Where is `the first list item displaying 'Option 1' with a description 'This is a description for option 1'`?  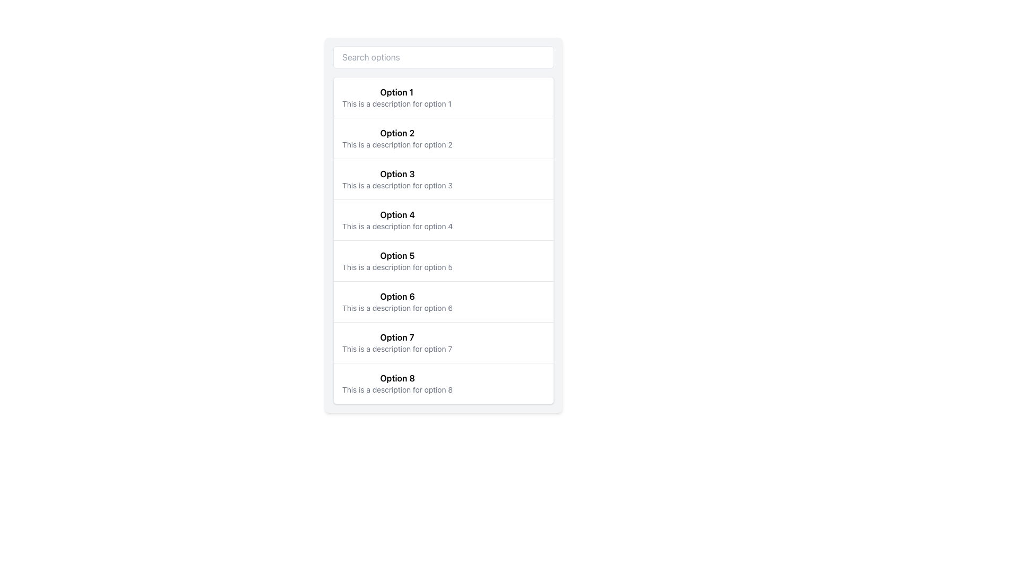 the first list item displaying 'Option 1' with a description 'This is a description for option 1' is located at coordinates (396, 98).